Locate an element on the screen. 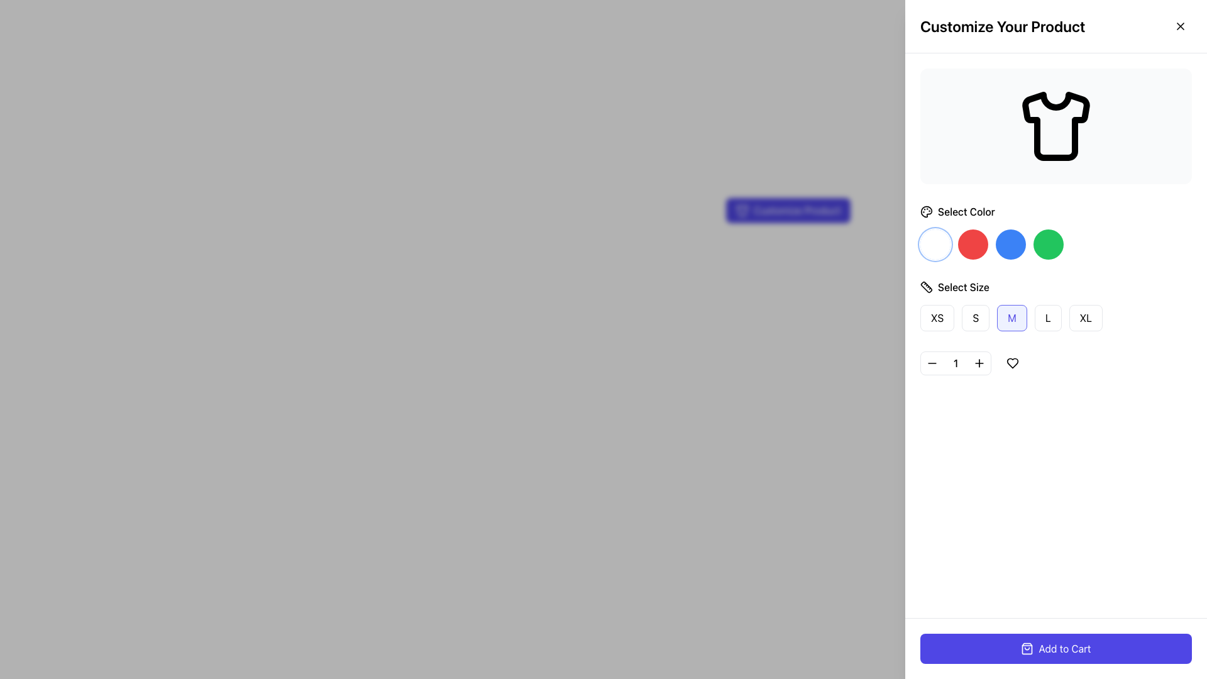 This screenshot has height=679, width=1207. the close button represented by the 'X' icon located at the top-right corner of the 'Customize Your Product' interface to observe its highlighting effect is located at coordinates (1179, 26).